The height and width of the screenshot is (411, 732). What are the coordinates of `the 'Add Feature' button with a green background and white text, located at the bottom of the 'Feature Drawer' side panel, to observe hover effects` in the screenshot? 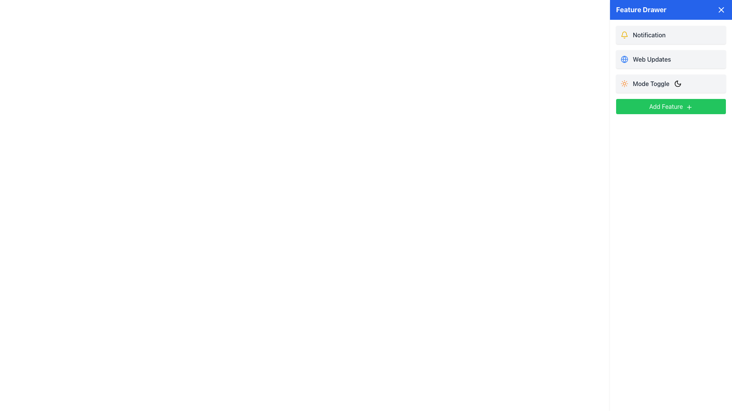 It's located at (671, 107).